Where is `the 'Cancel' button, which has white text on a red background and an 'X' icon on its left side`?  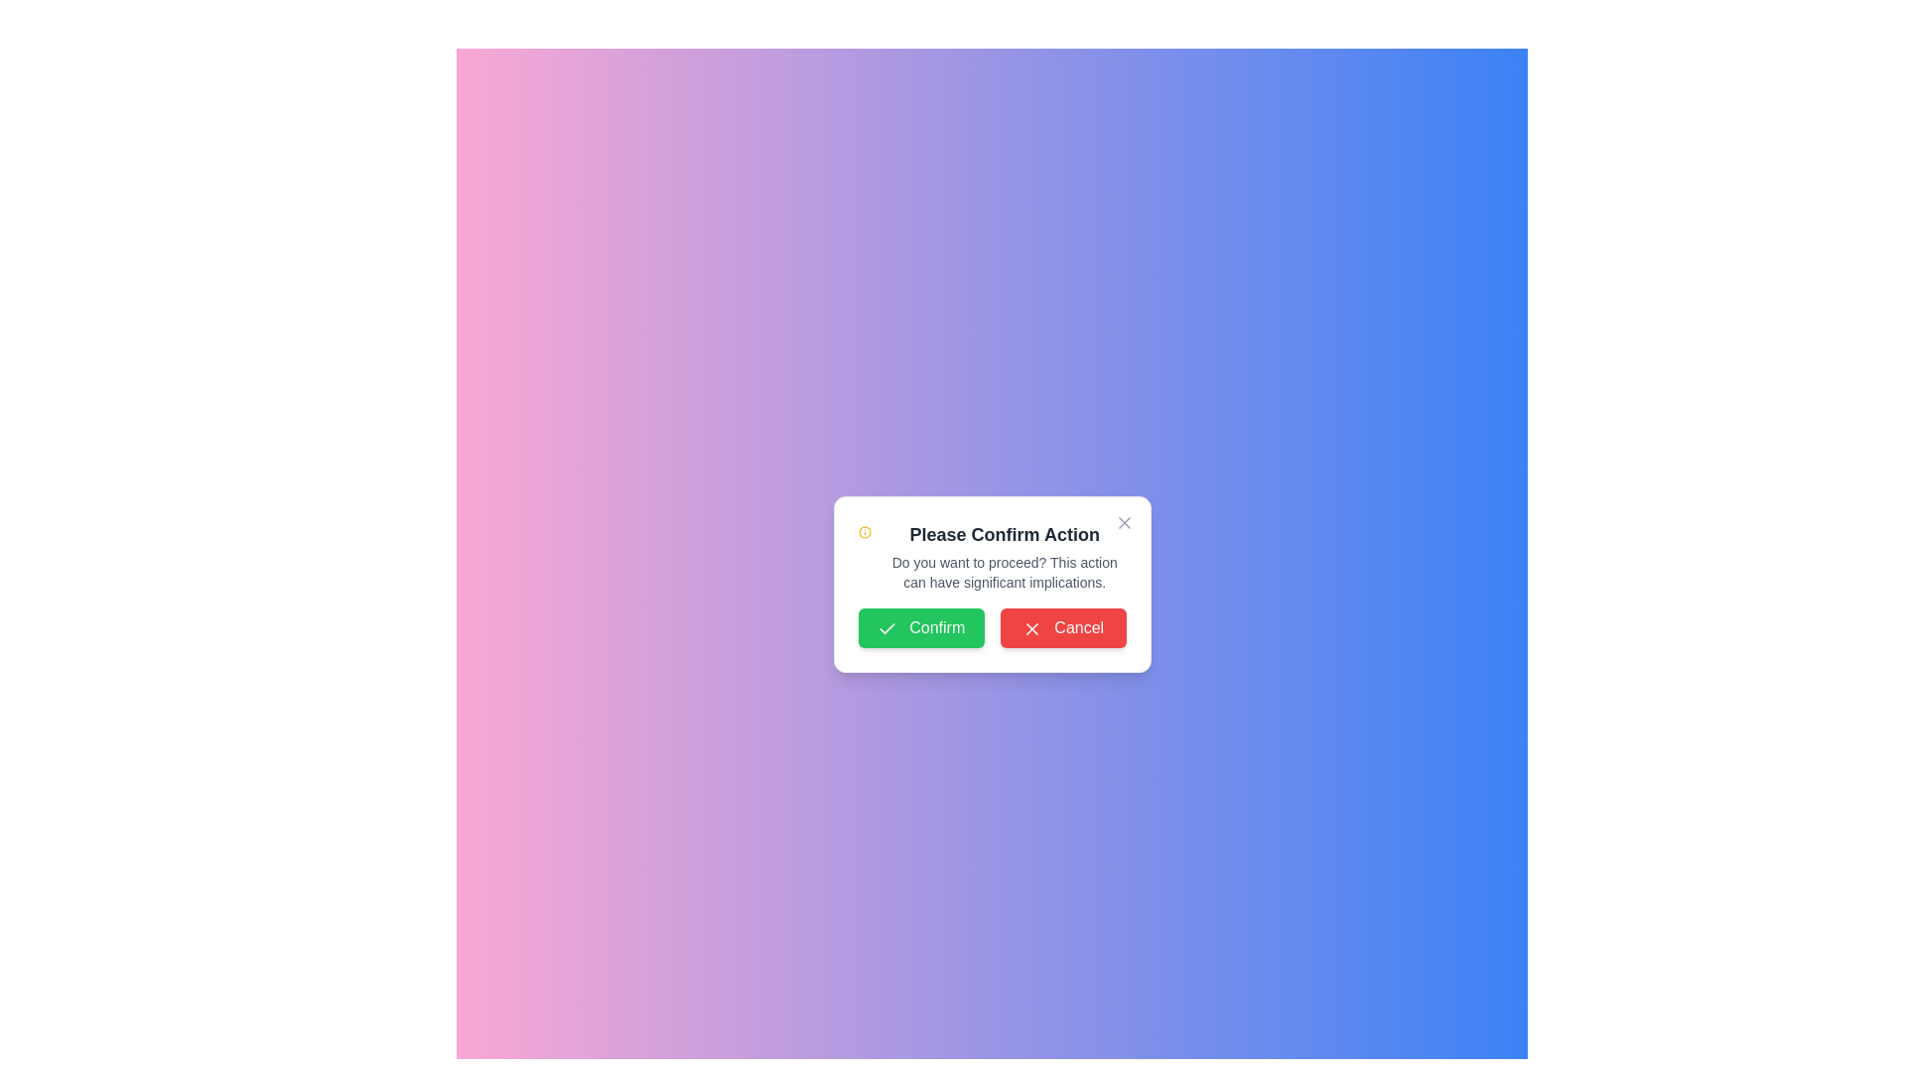 the 'Cancel' button, which has white text on a red background and an 'X' icon on its left side is located at coordinates (1061, 627).